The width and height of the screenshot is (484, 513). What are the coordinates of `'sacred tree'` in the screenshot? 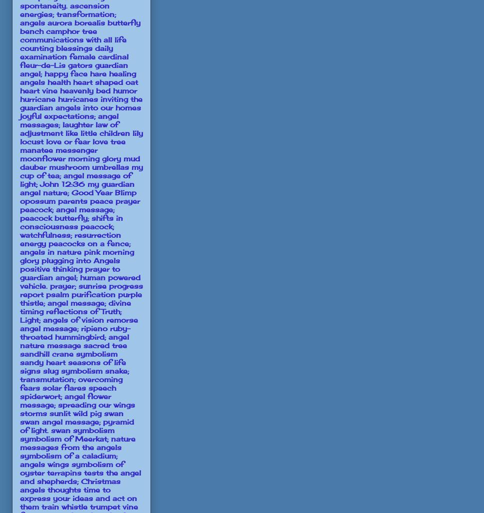 It's located at (104, 345).